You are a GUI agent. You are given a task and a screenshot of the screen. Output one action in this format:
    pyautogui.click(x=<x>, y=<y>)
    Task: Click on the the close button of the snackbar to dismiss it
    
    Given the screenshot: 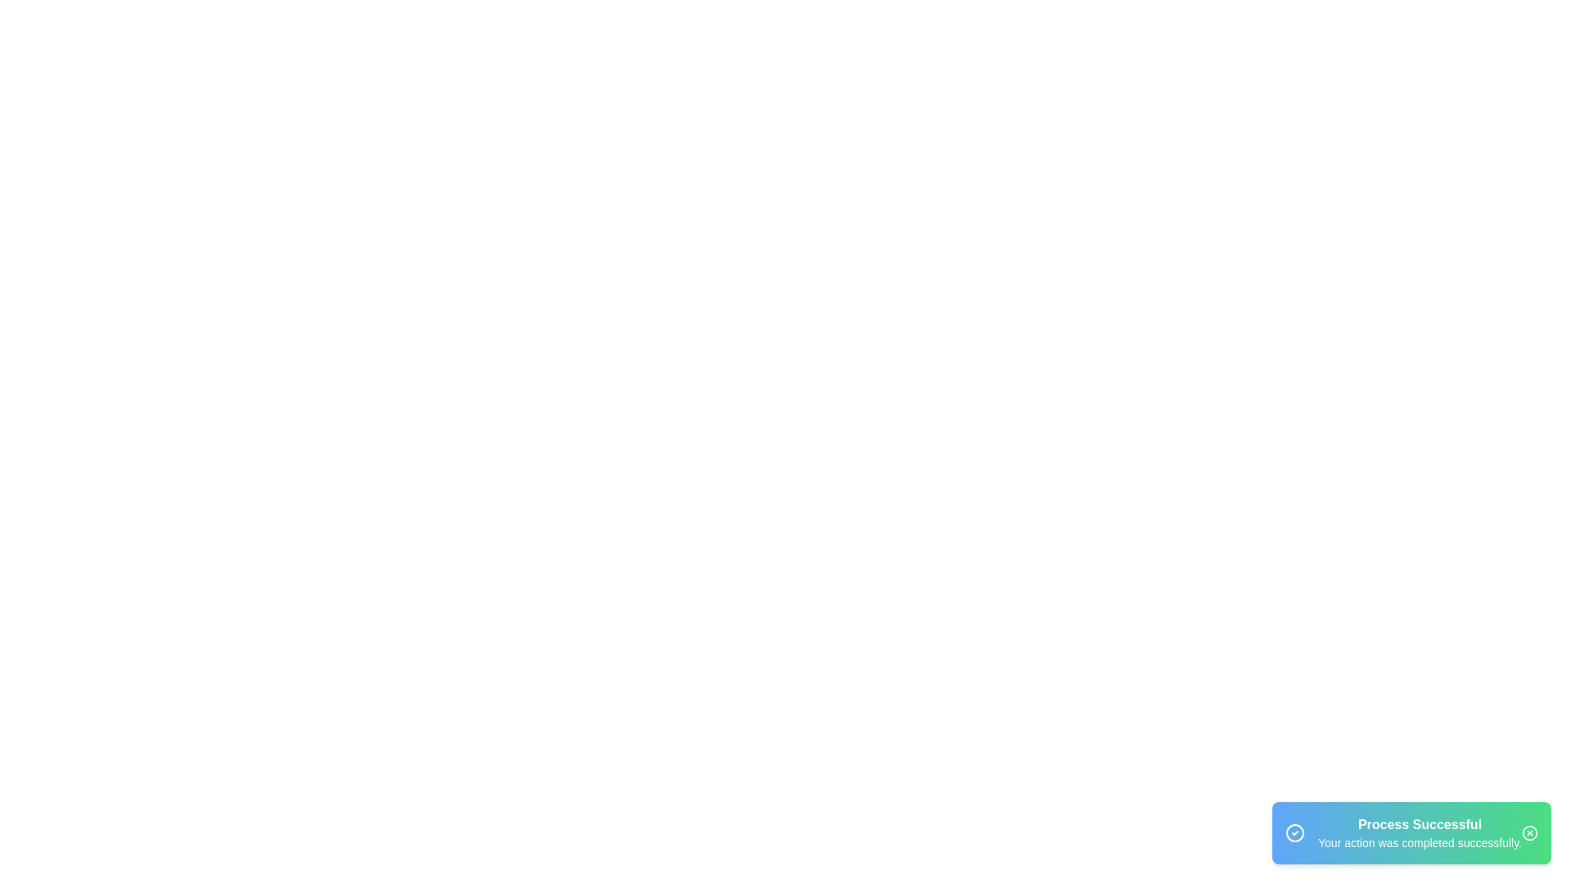 What is the action you would take?
    pyautogui.click(x=1529, y=833)
    